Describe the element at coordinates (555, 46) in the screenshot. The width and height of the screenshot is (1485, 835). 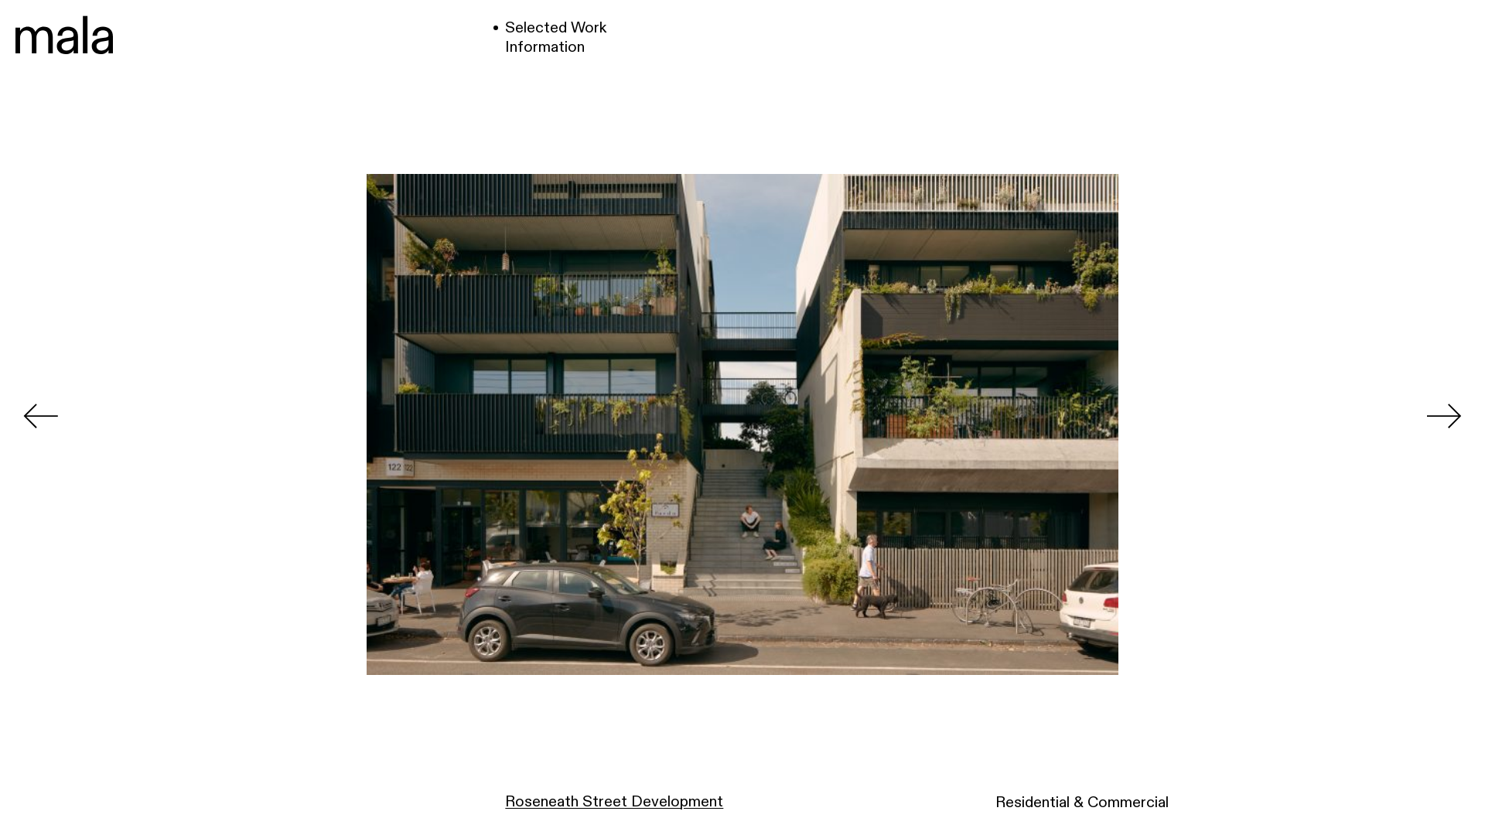
I see `'Information'` at that location.